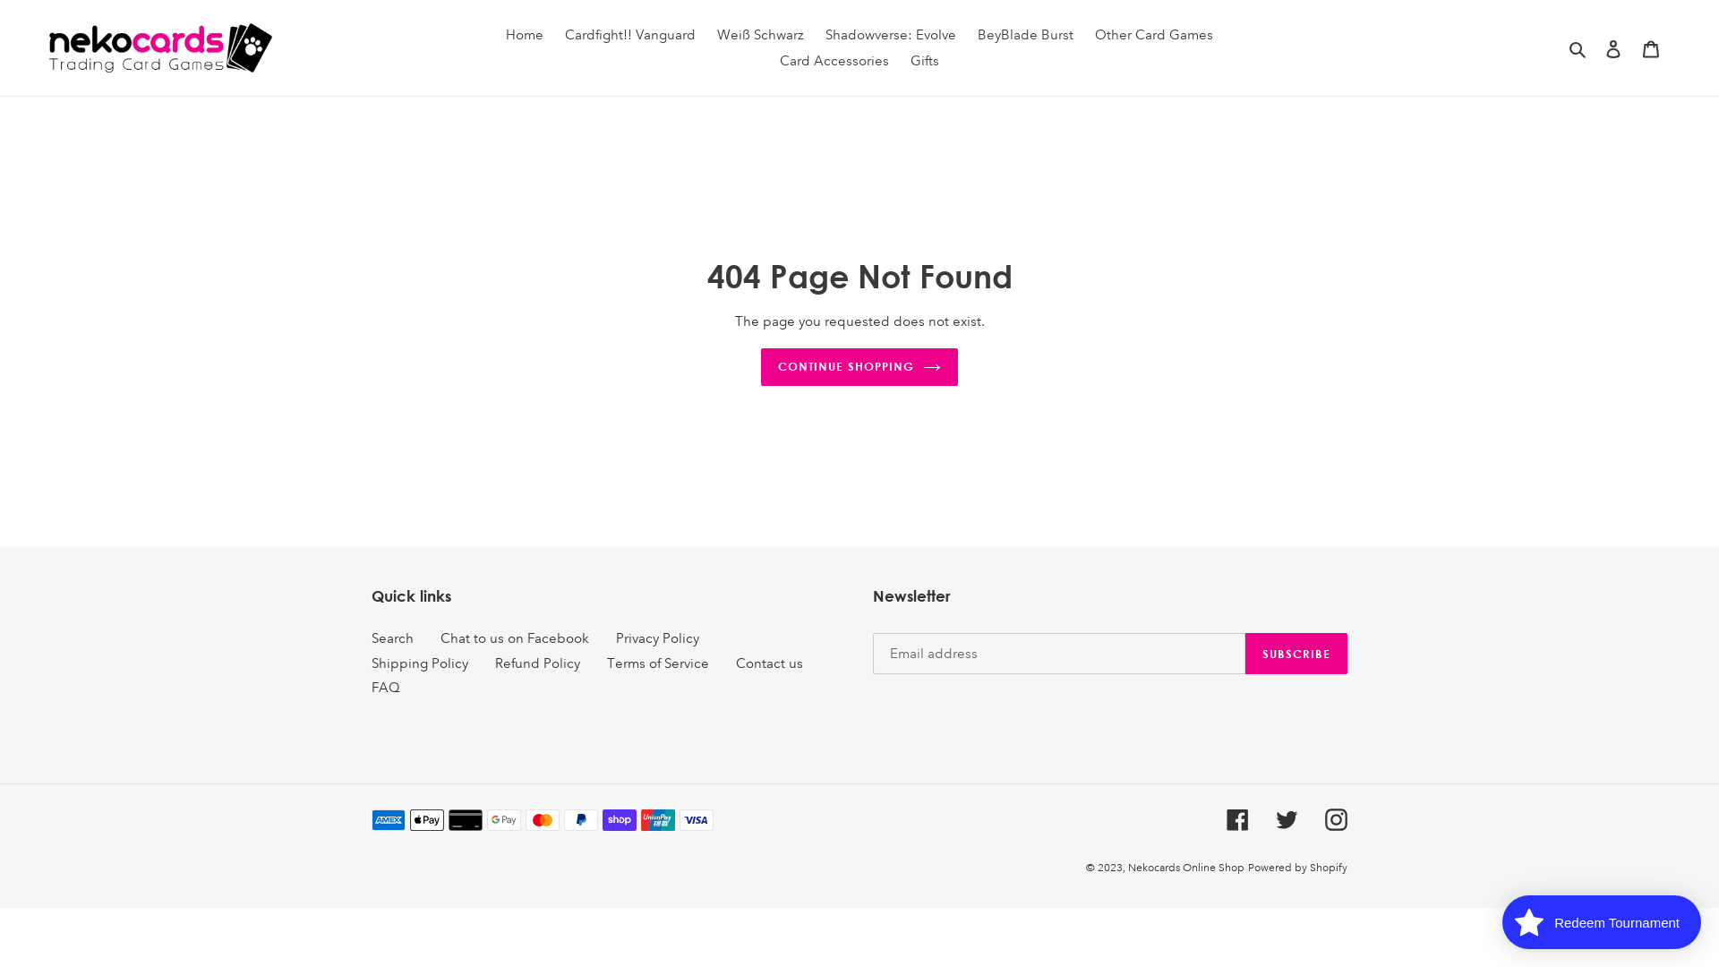 Image resolution: width=1719 pixels, height=967 pixels. What do you see at coordinates (833, 60) in the screenshot?
I see `'Card Accessories'` at bounding box center [833, 60].